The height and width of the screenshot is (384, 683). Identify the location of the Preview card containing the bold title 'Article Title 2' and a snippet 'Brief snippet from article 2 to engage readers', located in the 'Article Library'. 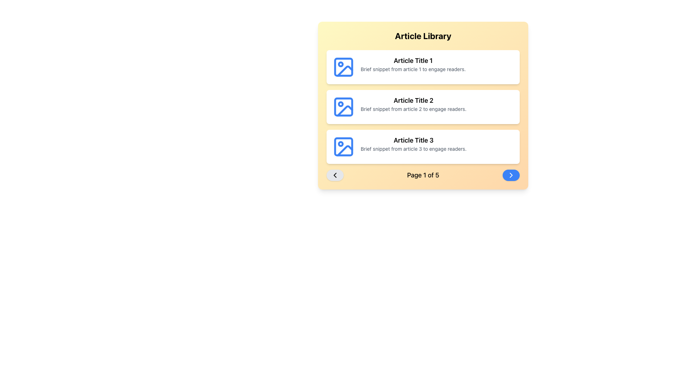
(423, 107).